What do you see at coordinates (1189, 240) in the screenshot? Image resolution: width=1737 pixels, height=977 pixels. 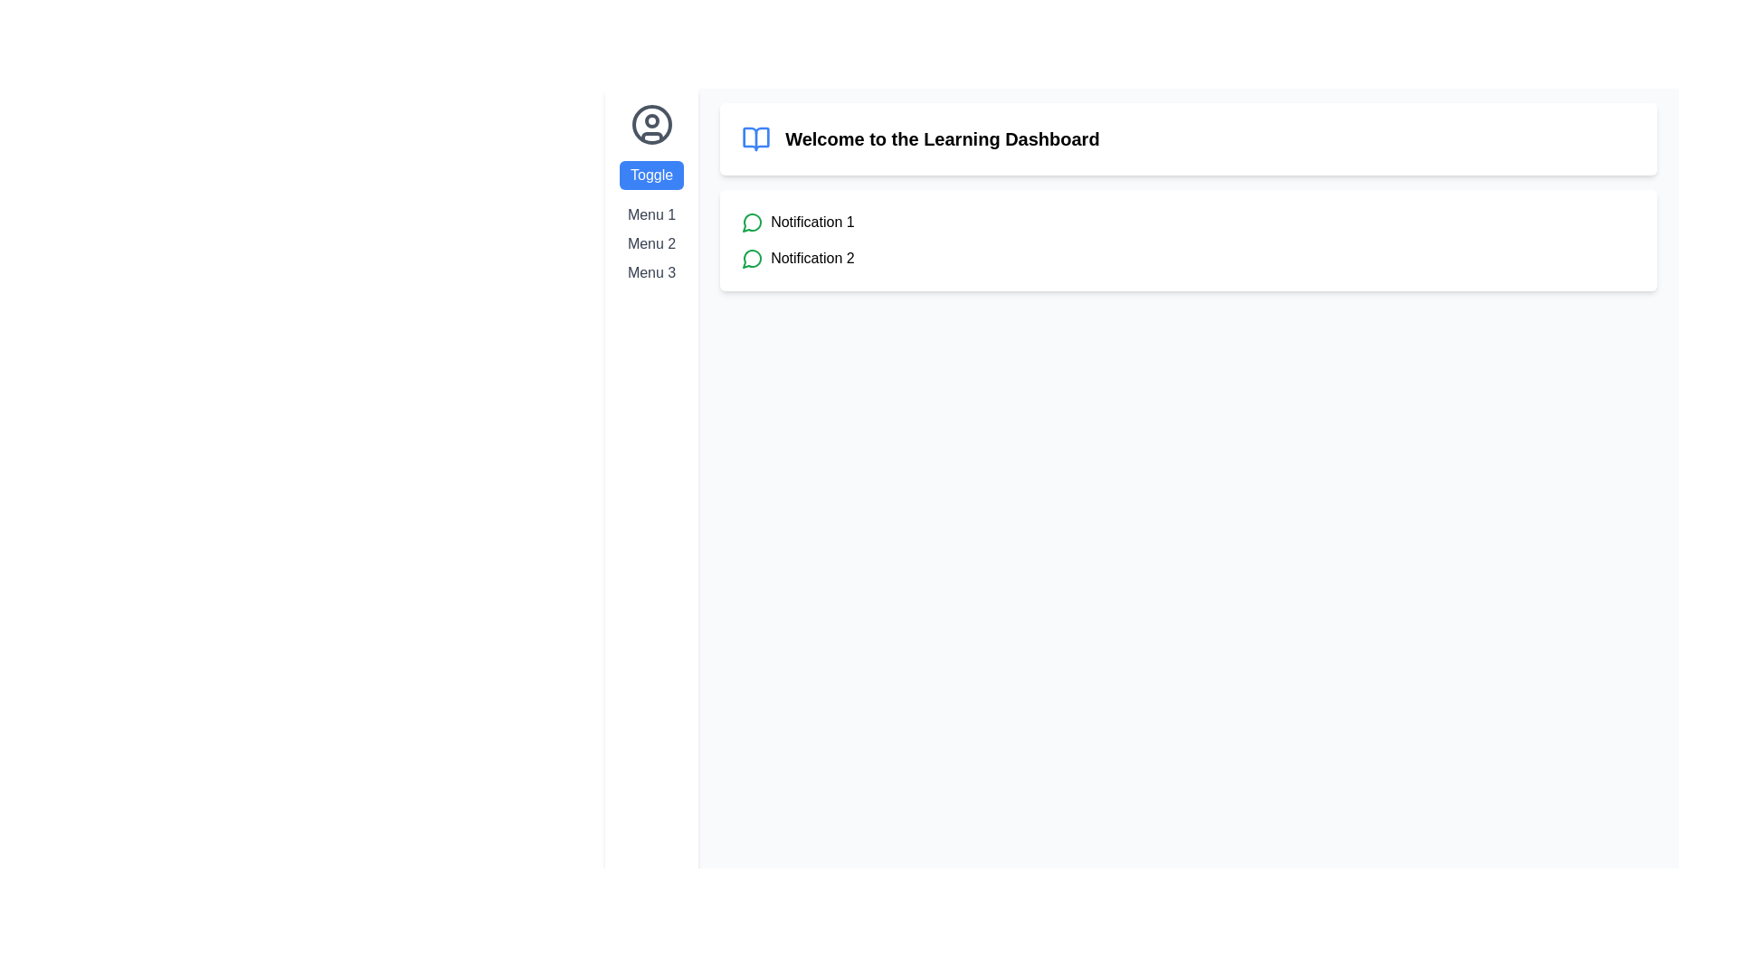 I see `a notification item` at bounding box center [1189, 240].